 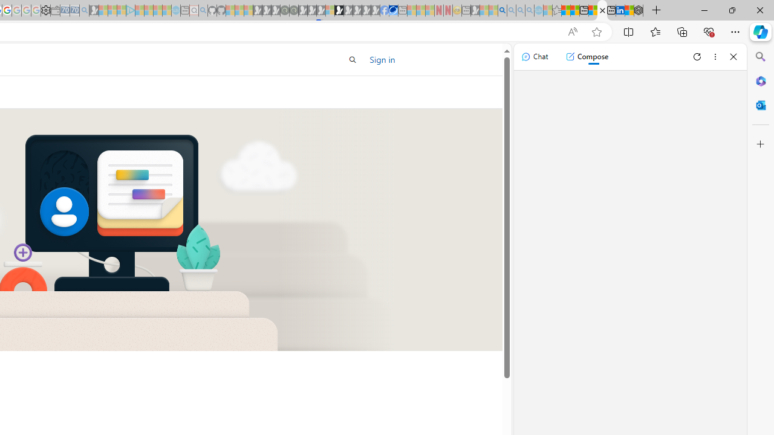 I want to click on 'Microsoft account | Privacy - Sleeping', so click(x=122, y=10).